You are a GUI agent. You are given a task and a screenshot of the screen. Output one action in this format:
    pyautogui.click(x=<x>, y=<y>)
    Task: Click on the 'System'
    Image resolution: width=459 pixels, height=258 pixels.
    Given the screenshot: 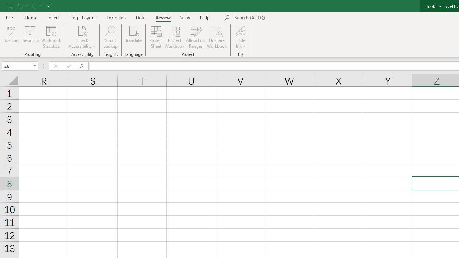 What is the action you would take?
    pyautogui.click(x=4, y=4)
    